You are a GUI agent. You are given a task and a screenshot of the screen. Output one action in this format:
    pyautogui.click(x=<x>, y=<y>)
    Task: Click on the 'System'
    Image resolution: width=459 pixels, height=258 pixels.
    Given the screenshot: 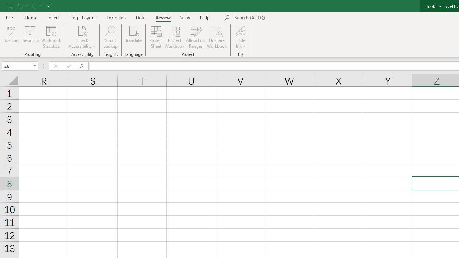 What is the action you would take?
    pyautogui.click(x=4, y=4)
    